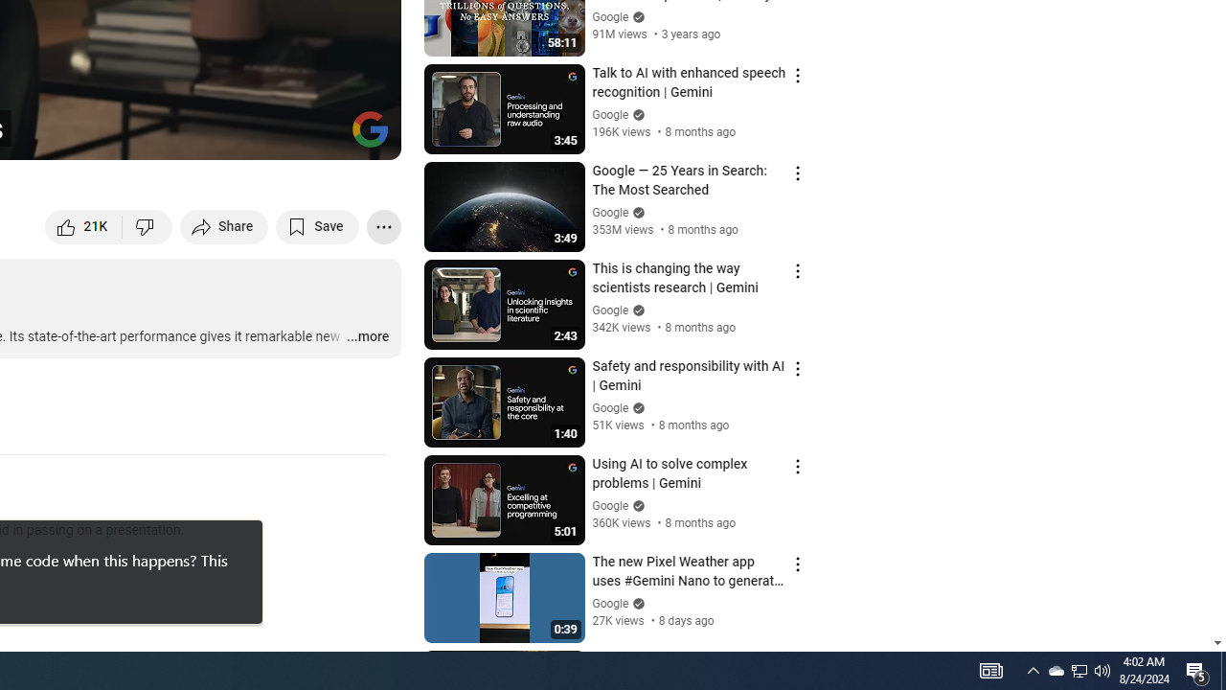 The width and height of the screenshot is (1226, 690). Describe the element at coordinates (224, 225) in the screenshot. I see `'Share'` at that location.